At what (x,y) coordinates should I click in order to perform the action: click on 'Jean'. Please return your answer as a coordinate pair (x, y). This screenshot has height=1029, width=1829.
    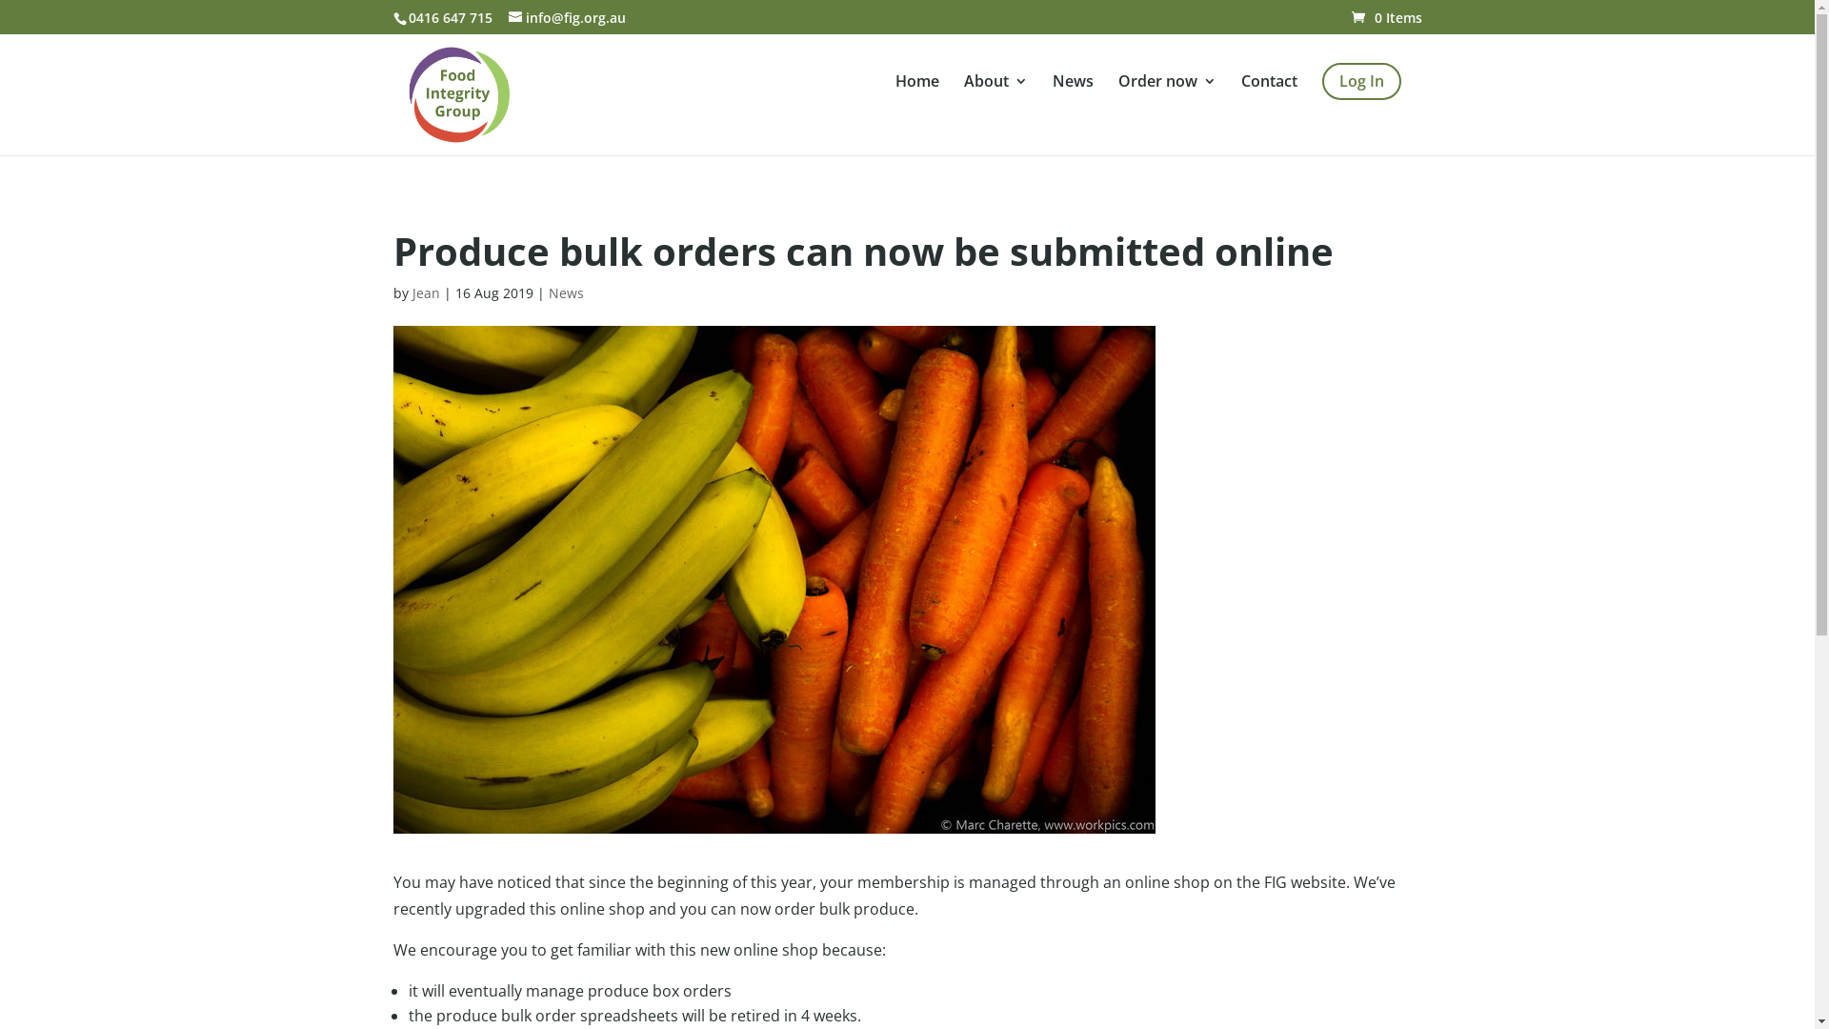
    Looking at the image, I should click on (424, 293).